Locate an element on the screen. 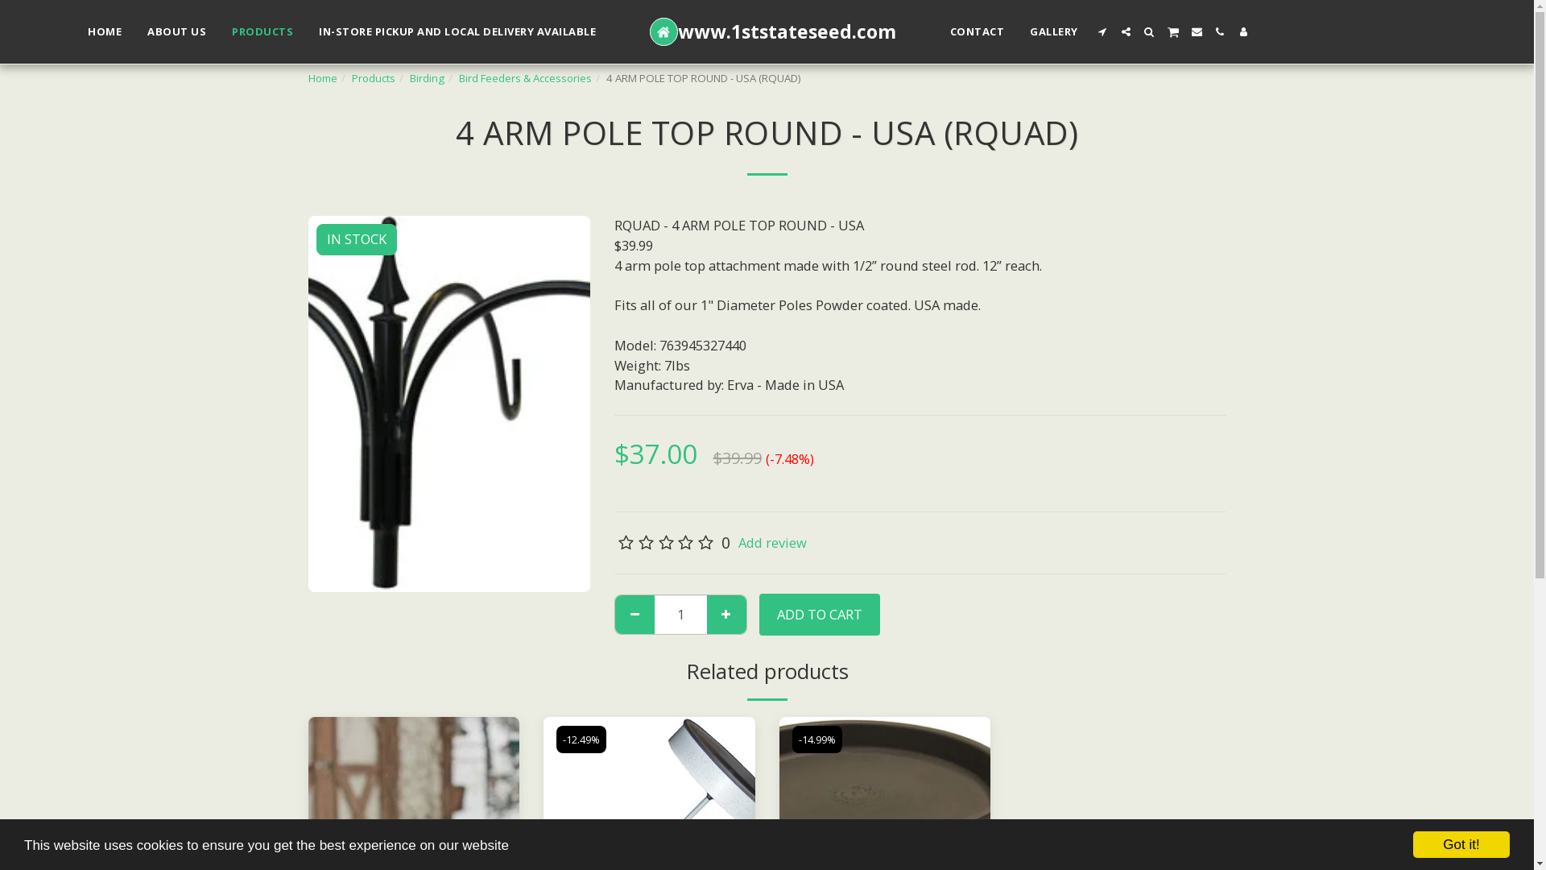  'Birding' is located at coordinates (409, 77).